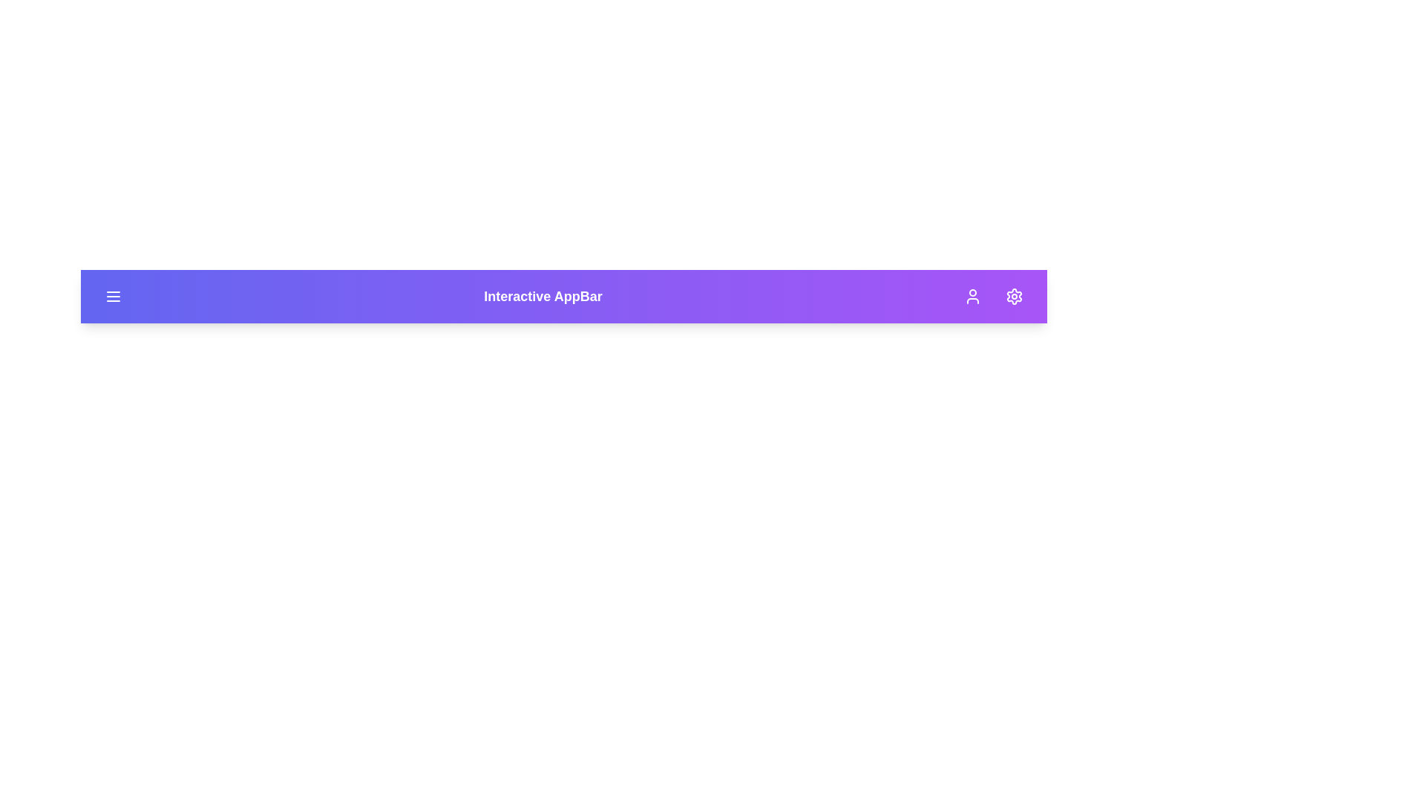  What do you see at coordinates (113, 297) in the screenshot?
I see `the menu button to toggle the visibility of the menu` at bounding box center [113, 297].